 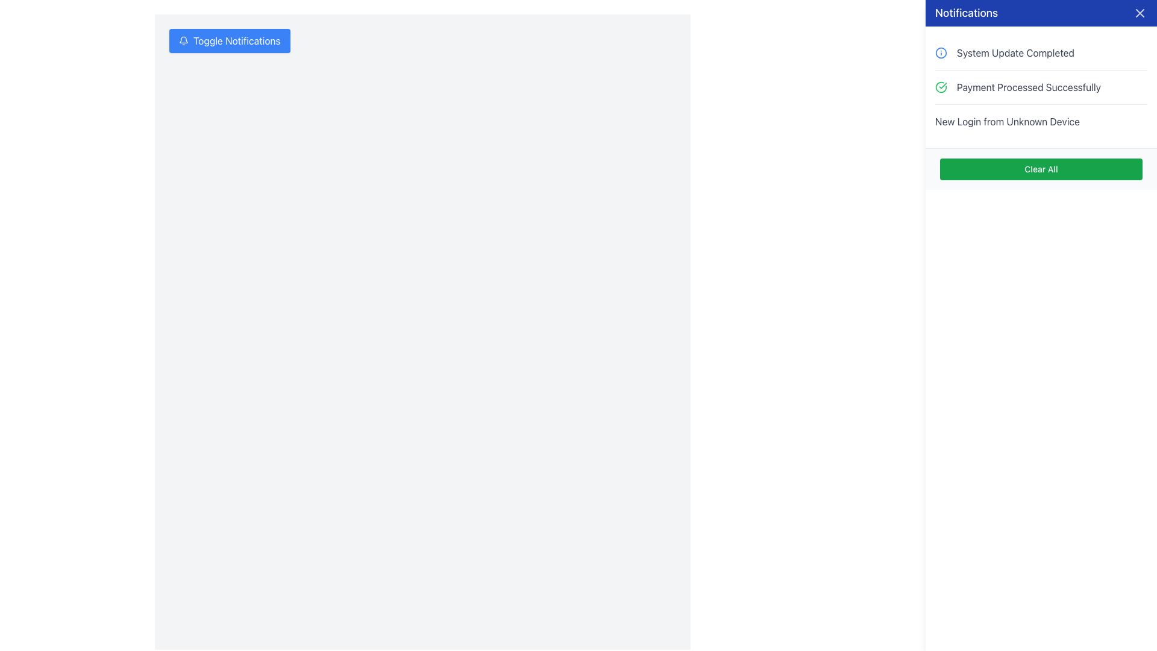 What do you see at coordinates (230, 40) in the screenshot?
I see `the 'Toggle Notifications' button, a rectangular button with rounded corners and a blue background` at bounding box center [230, 40].